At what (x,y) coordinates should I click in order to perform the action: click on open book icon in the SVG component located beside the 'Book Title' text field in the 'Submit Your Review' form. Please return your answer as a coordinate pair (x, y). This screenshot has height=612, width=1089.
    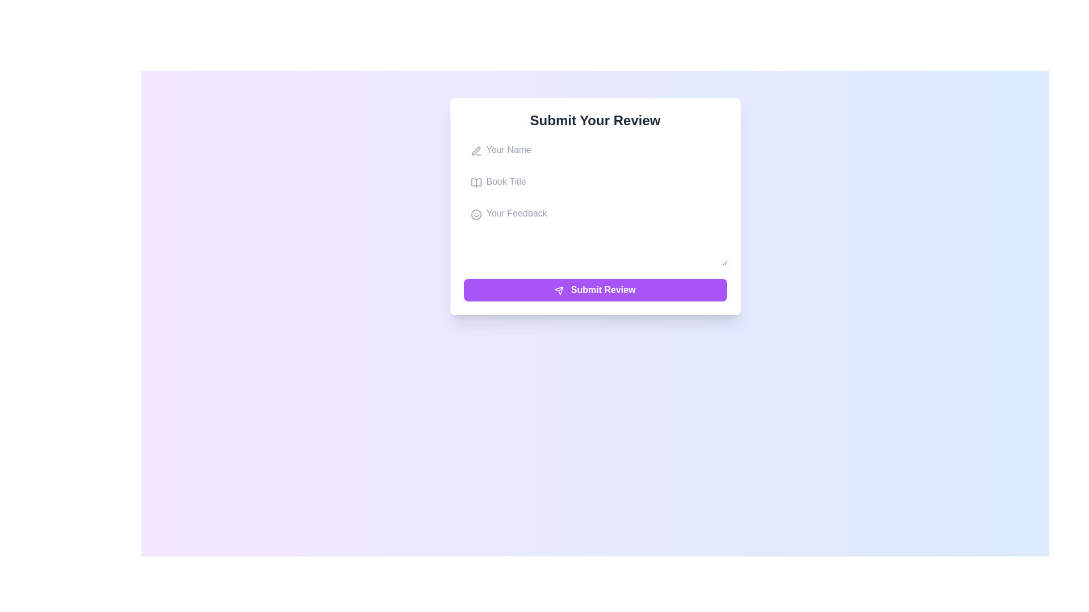
    Looking at the image, I should click on (476, 182).